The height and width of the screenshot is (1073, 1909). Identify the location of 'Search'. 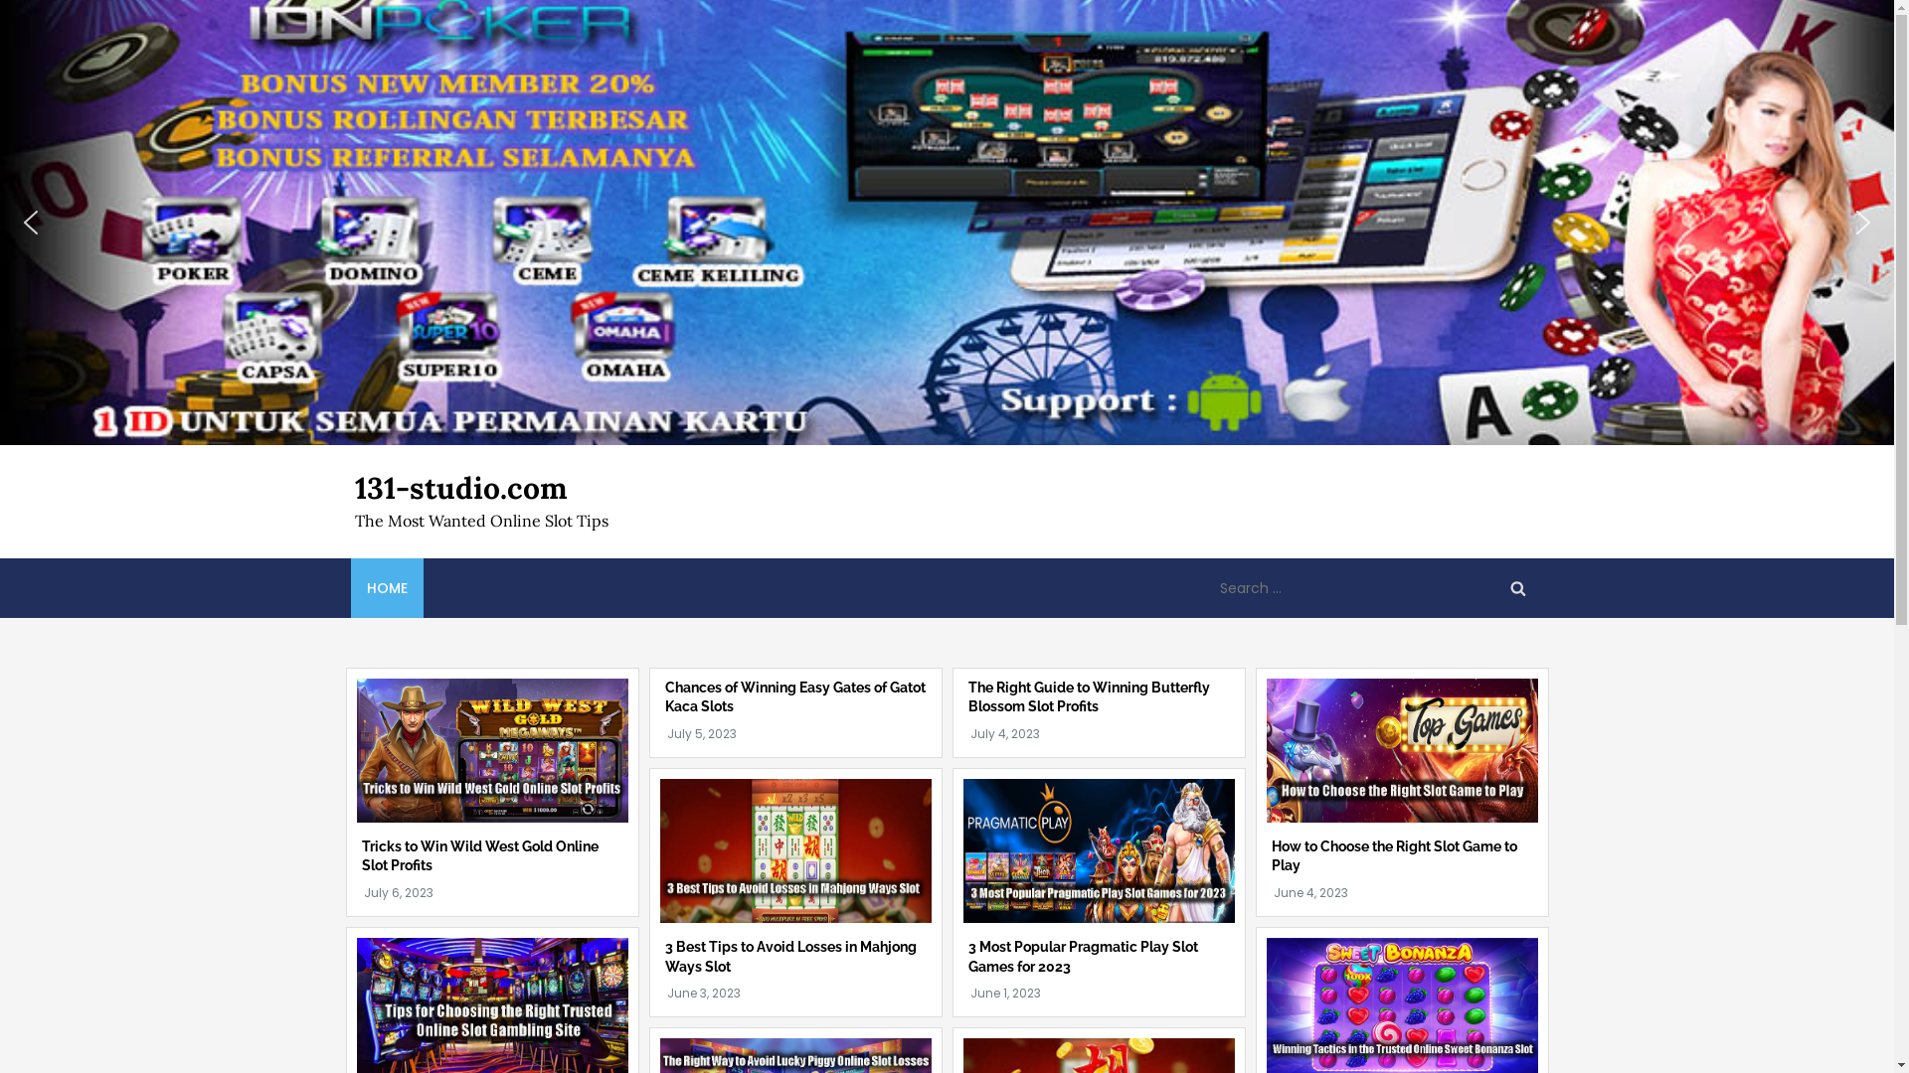
(1516, 586).